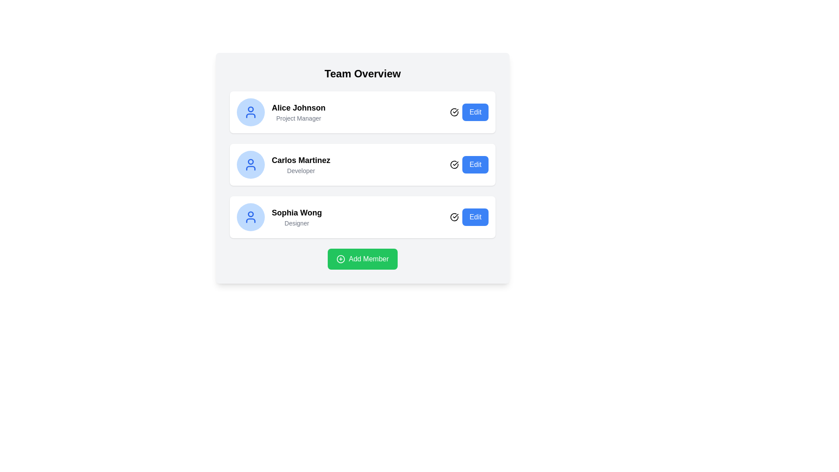 This screenshot has width=839, height=472. What do you see at coordinates (298, 118) in the screenshot?
I see `the static text label reading 'Project Manager', which is styled in gray and positioned below 'Alice Johnson' in the team members list card` at bounding box center [298, 118].